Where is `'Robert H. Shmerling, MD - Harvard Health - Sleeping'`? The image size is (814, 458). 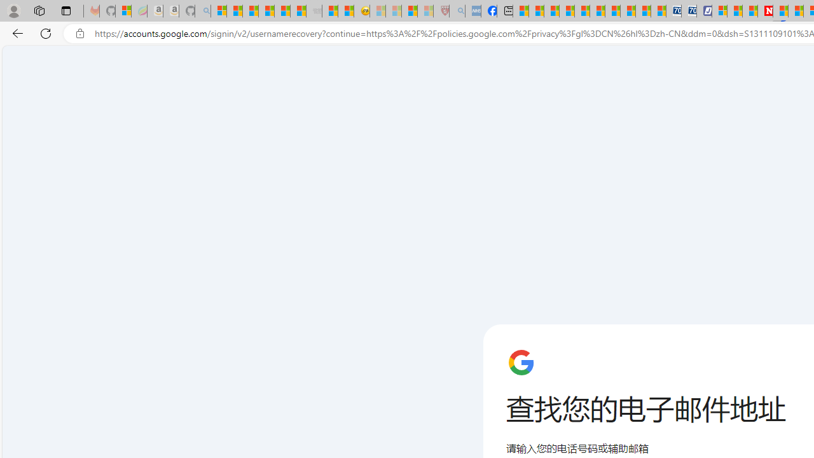 'Robert H. Shmerling, MD - Harvard Health - Sleeping' is located at coordinates (441, 11).